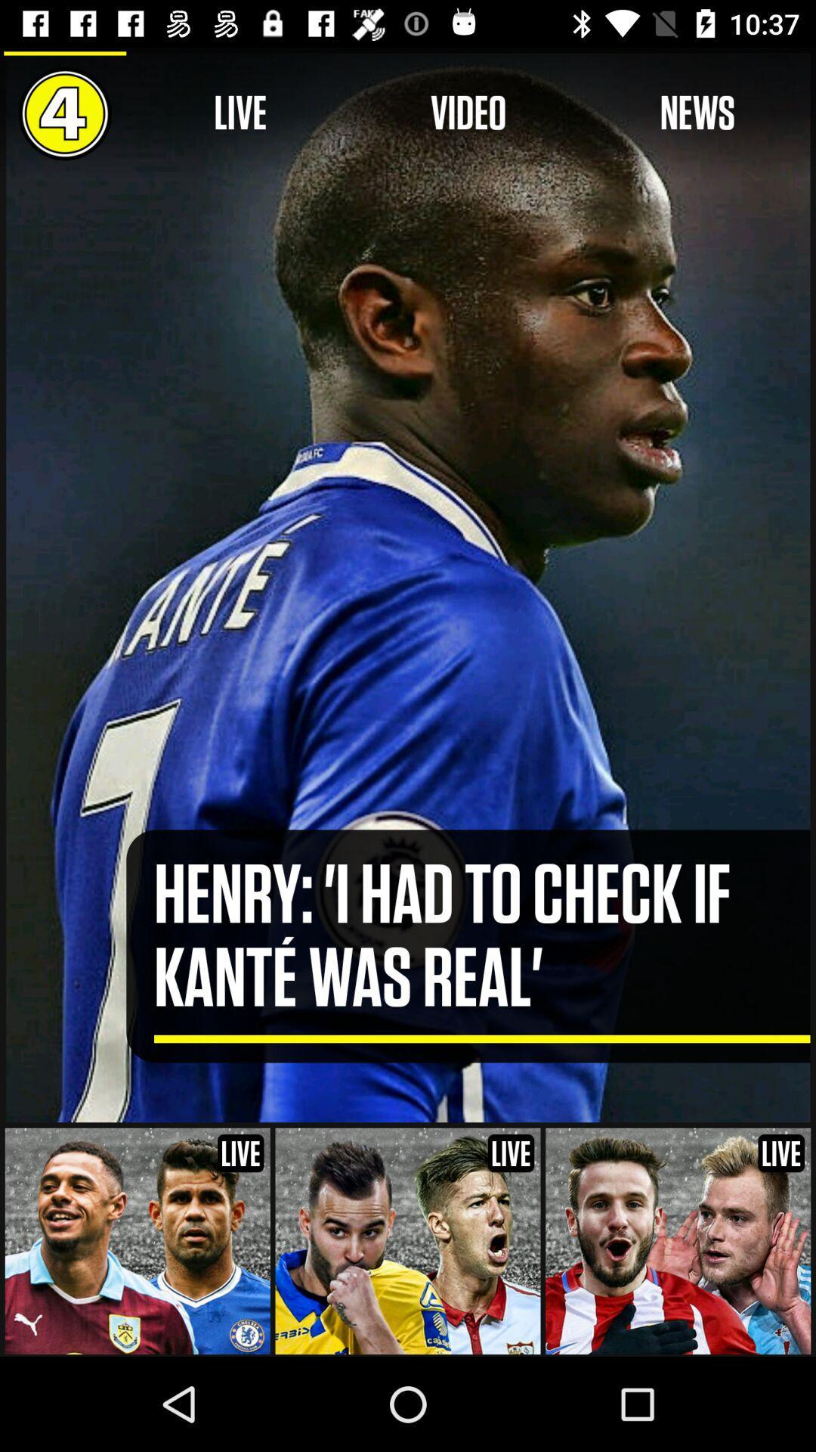 This screenshot has height=1452, width=816. What do you see at coordinates (468, 113) in the screenshot?
I see `item next to news` at bounding box center [468, 113].